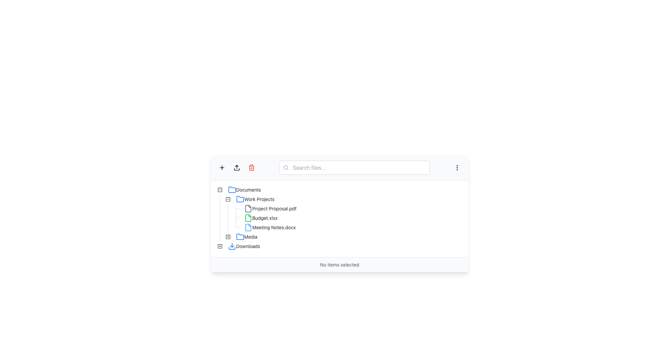  Describe the element at coordinates (260, 218) in the screenshot. I see `the Tree node representing the file 'Budget.xlsx' located under the 'Work Projects' folder in the hierarchical file browser` at that location.